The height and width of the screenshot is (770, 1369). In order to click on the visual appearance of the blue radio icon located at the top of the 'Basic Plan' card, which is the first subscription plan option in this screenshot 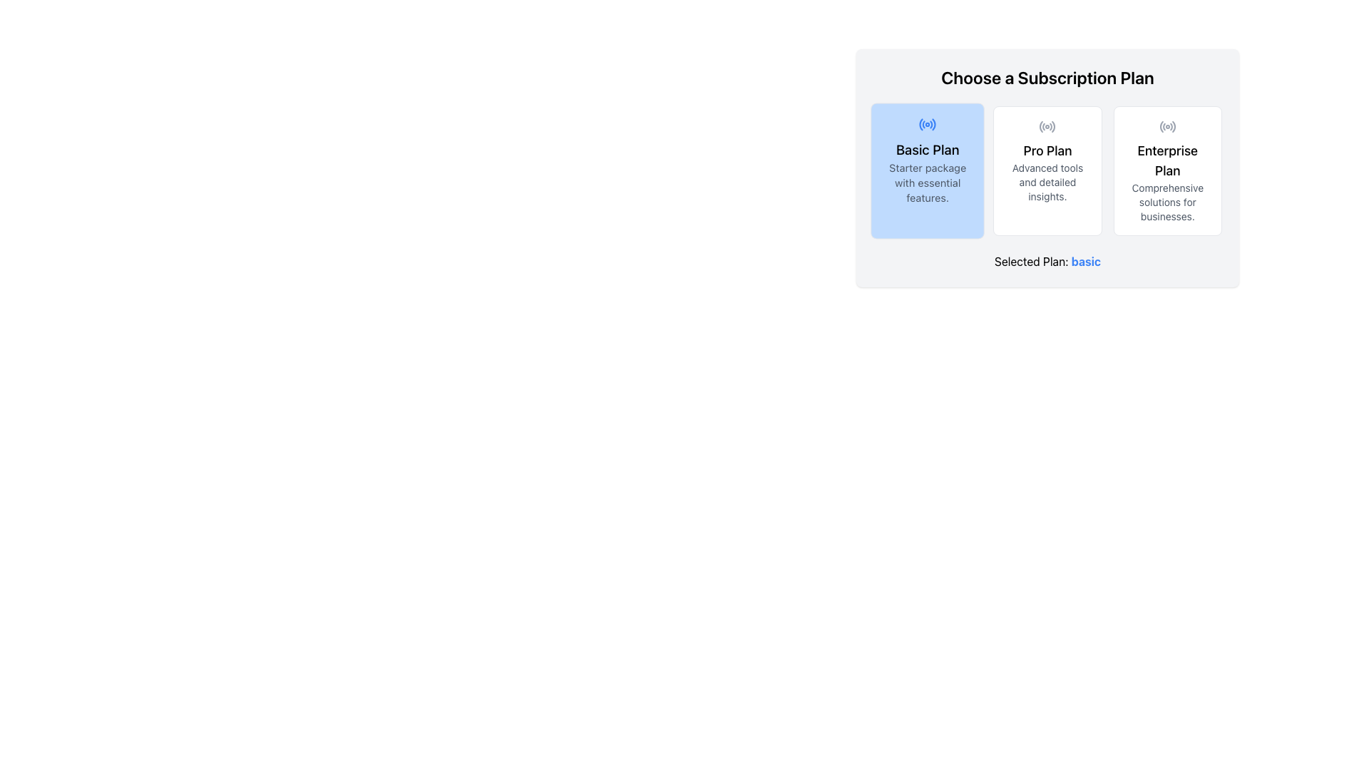, I will do `click(928, 123)`.